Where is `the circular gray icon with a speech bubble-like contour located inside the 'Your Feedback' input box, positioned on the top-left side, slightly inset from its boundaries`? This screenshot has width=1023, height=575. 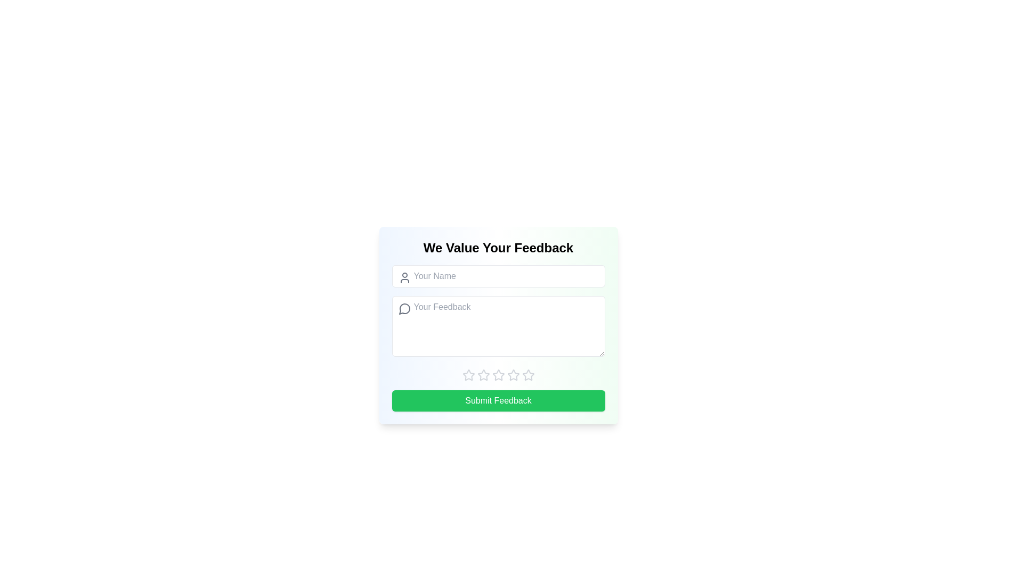
the circular gray icon with a speech bubble-like contour located inside the 'Your Feedback' input box, positioned on the top-left side, slightly inset from its boundaries is located at coordinates (404, 308).